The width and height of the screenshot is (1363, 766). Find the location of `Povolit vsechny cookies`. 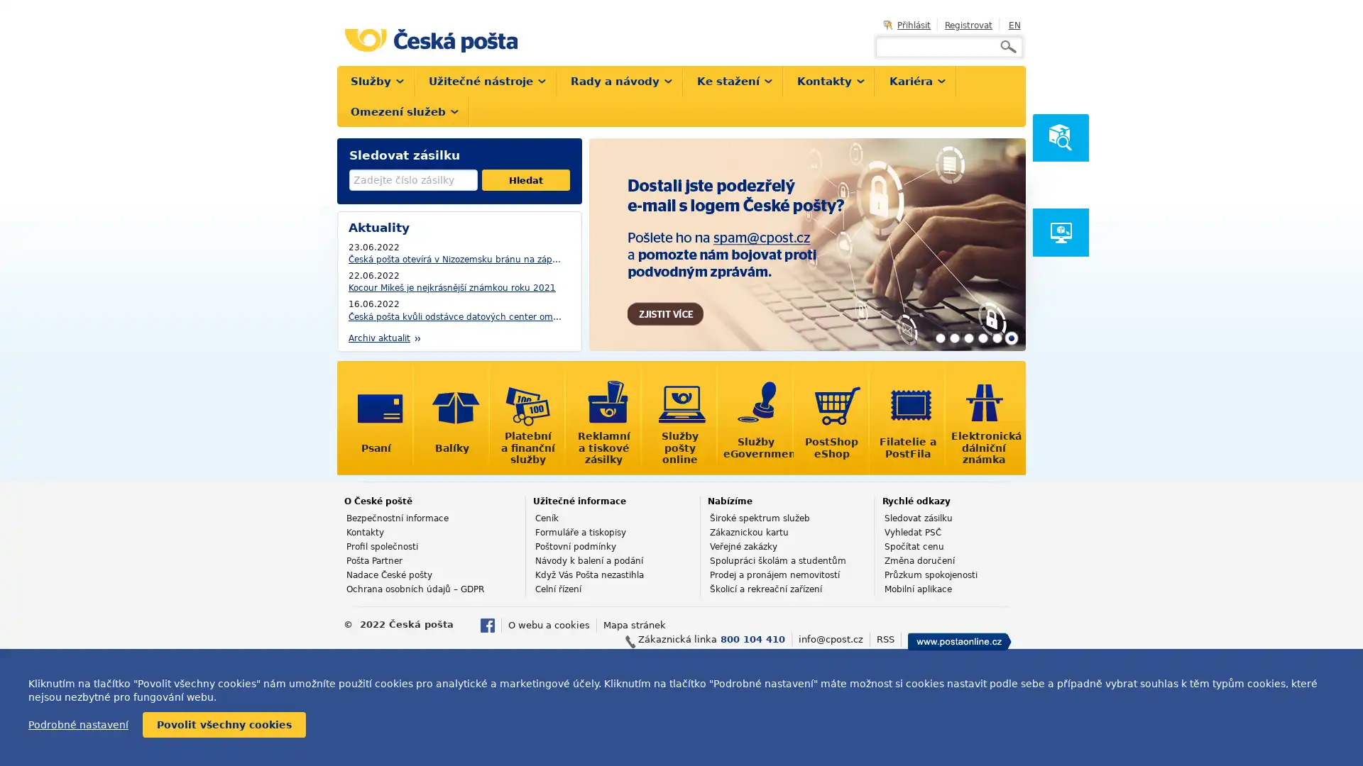

Povolit vsechny cookies is located at coordinates (224, 725).